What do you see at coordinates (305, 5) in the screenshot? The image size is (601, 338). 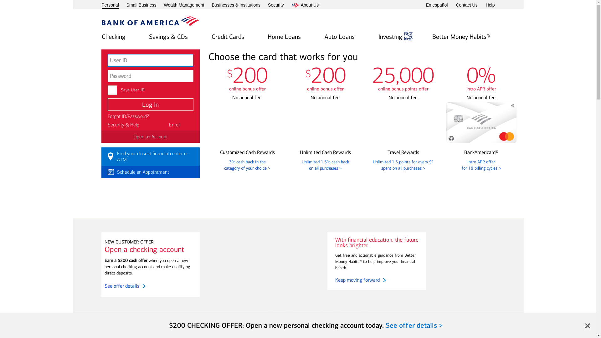 I see `'About Us'` at bounding box center [305, 5].